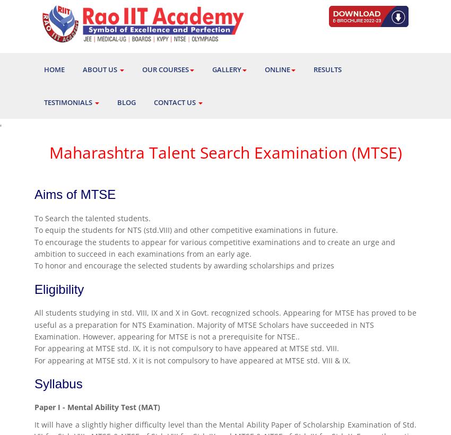 This screenshot has height=435, width=451. What do you see at coordinates (225, 152) in the screenshot?
I see `'Maharashtra Talent Search Examination (MTSE)'` at bounding box center [225, 152].